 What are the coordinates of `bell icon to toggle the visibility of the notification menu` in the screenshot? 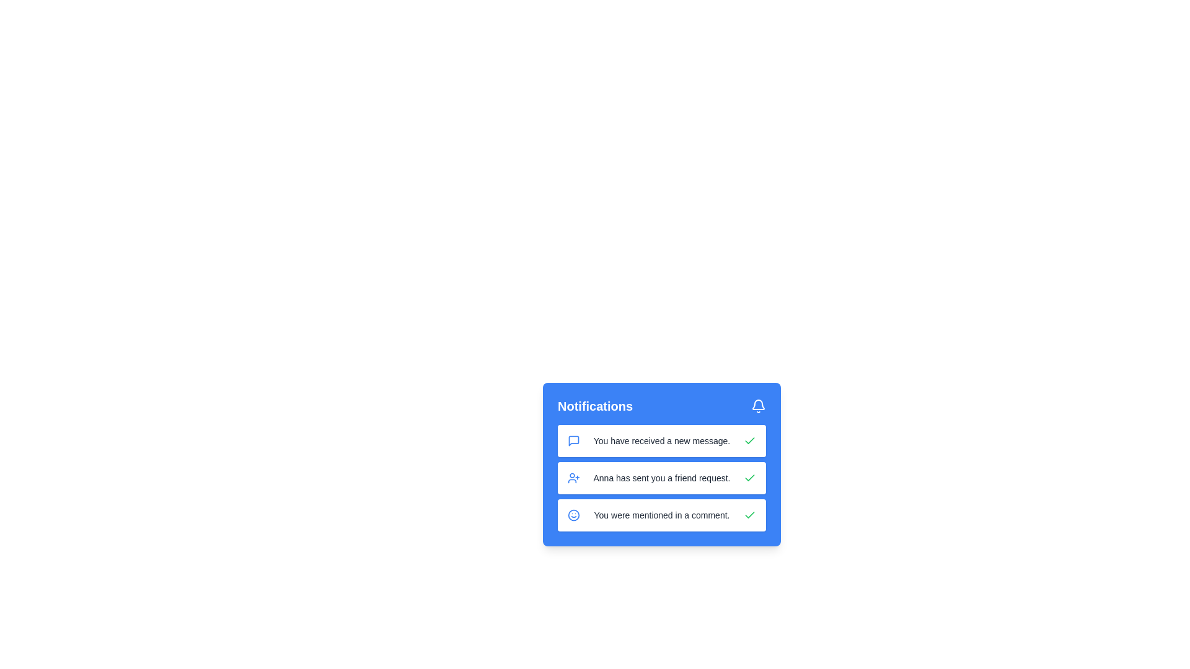 It's located at (758, 406).